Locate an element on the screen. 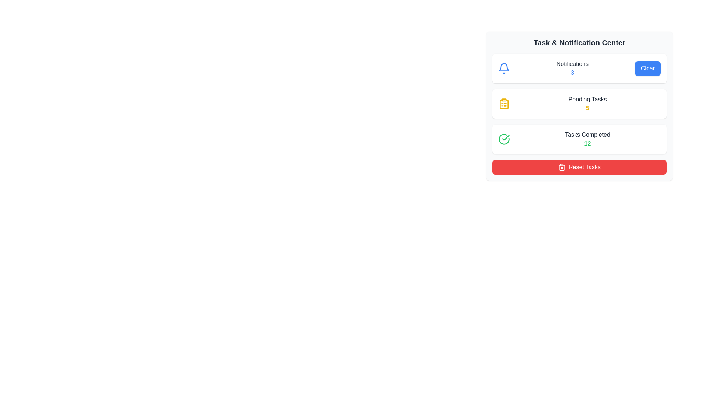 Image resolution: width=708 pixels, height=398 pixels. the numeric badge displaying the number '3' in bold blue text, which is located below the 'Notifications' label in the task and notification center interface is located at coordinates (572, 73).